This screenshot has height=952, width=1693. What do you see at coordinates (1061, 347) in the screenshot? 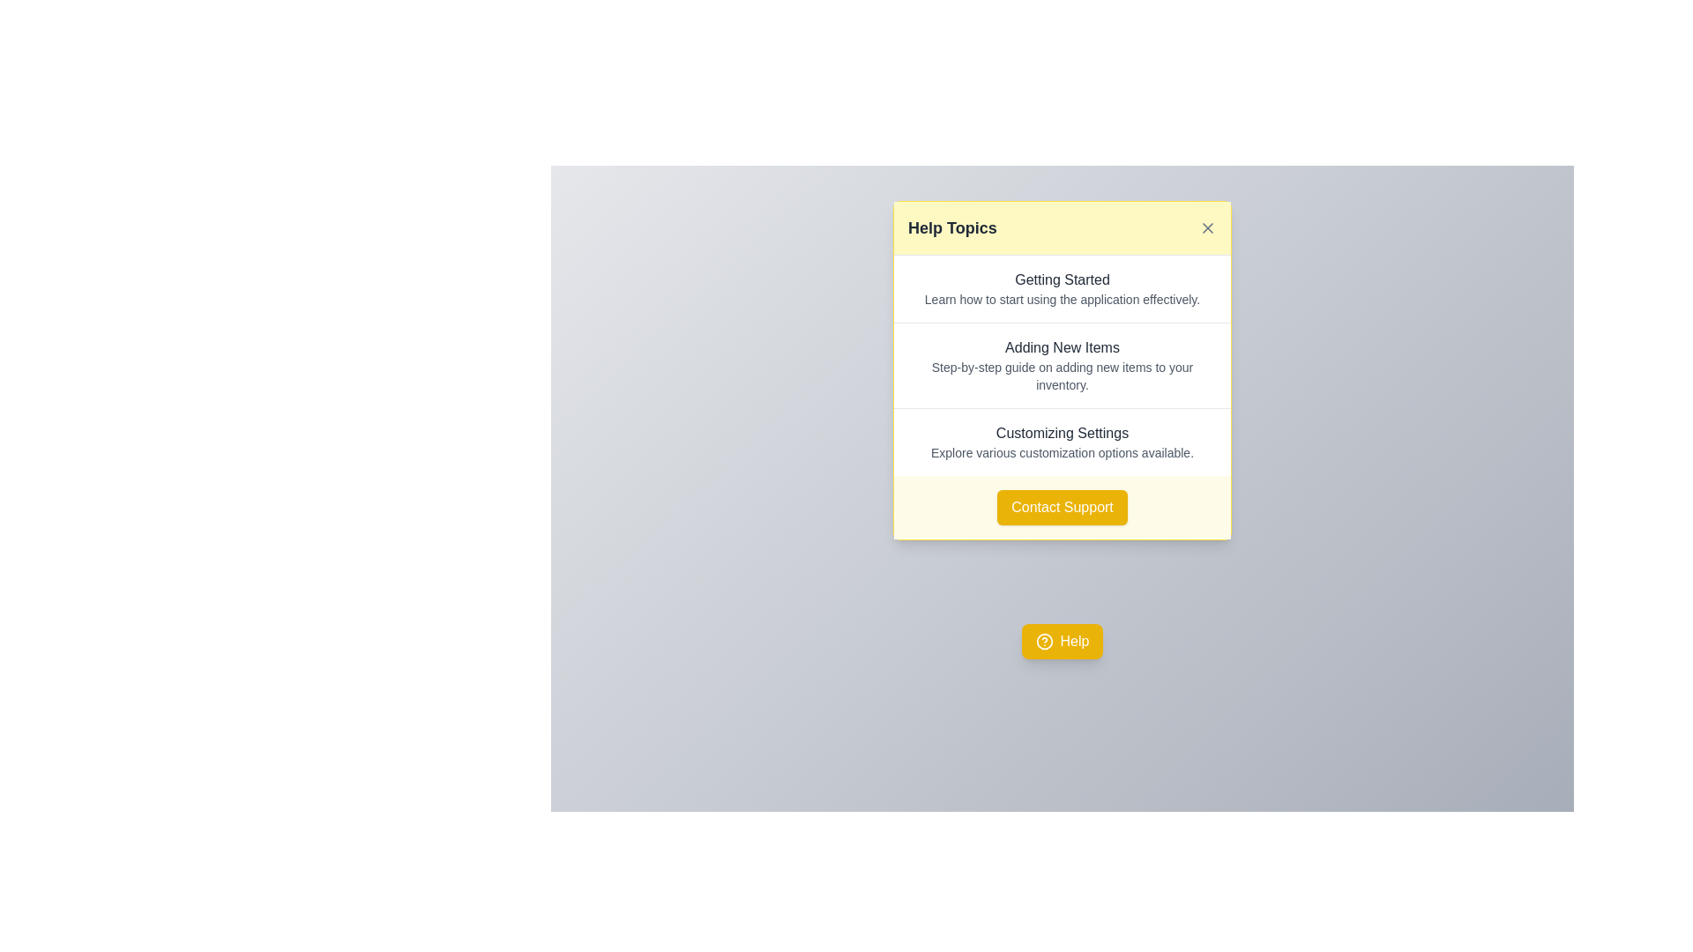
I see `the text label 'Adding New Items' in the modal window titled 'Help Topics', which is located in the center column and is styled with a medium-sized bold dark gray font against a light background` at bounding box center [1061, 347].